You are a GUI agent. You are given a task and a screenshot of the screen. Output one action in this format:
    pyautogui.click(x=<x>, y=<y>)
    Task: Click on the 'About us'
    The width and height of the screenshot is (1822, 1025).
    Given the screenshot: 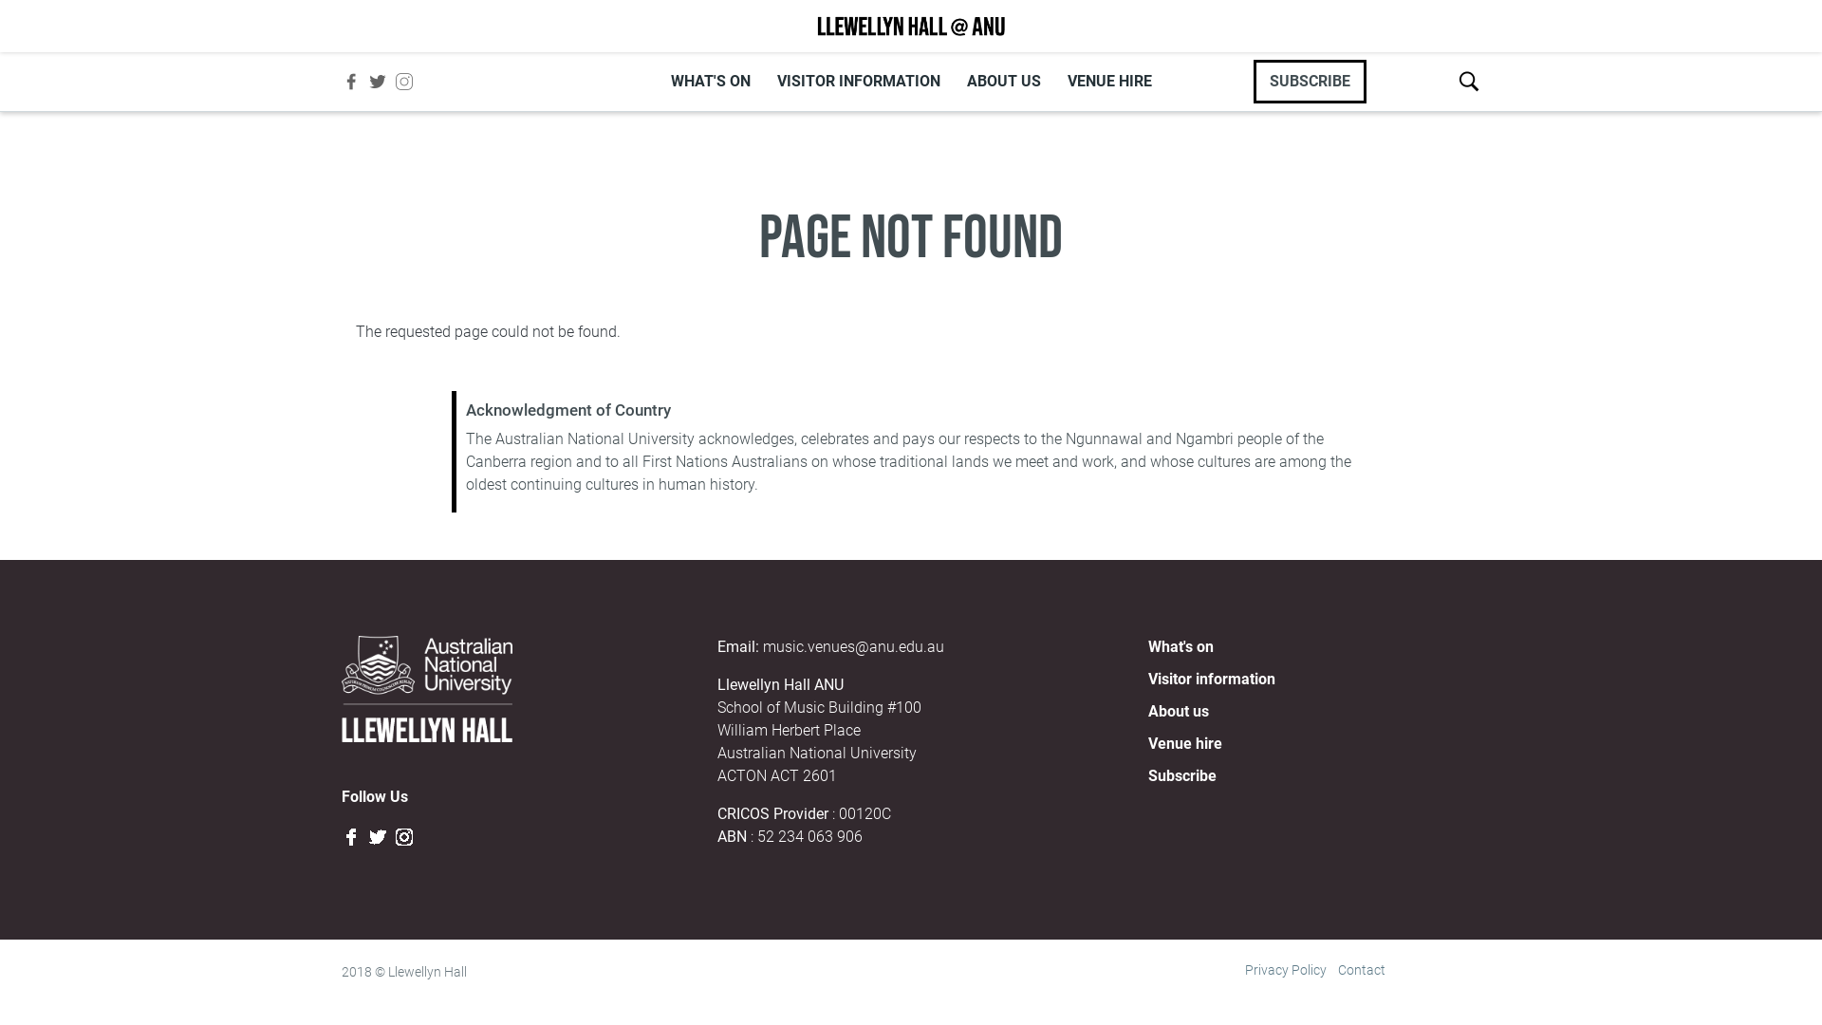 What is the action you would take?
    pyautogui.click(x=1178, y=711)
    